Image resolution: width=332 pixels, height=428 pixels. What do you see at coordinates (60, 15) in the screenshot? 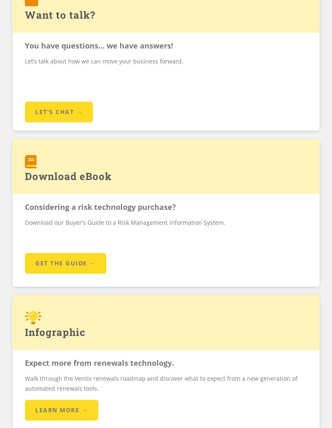
I see `'Want to talk?'` at bounding box center [60, 15].